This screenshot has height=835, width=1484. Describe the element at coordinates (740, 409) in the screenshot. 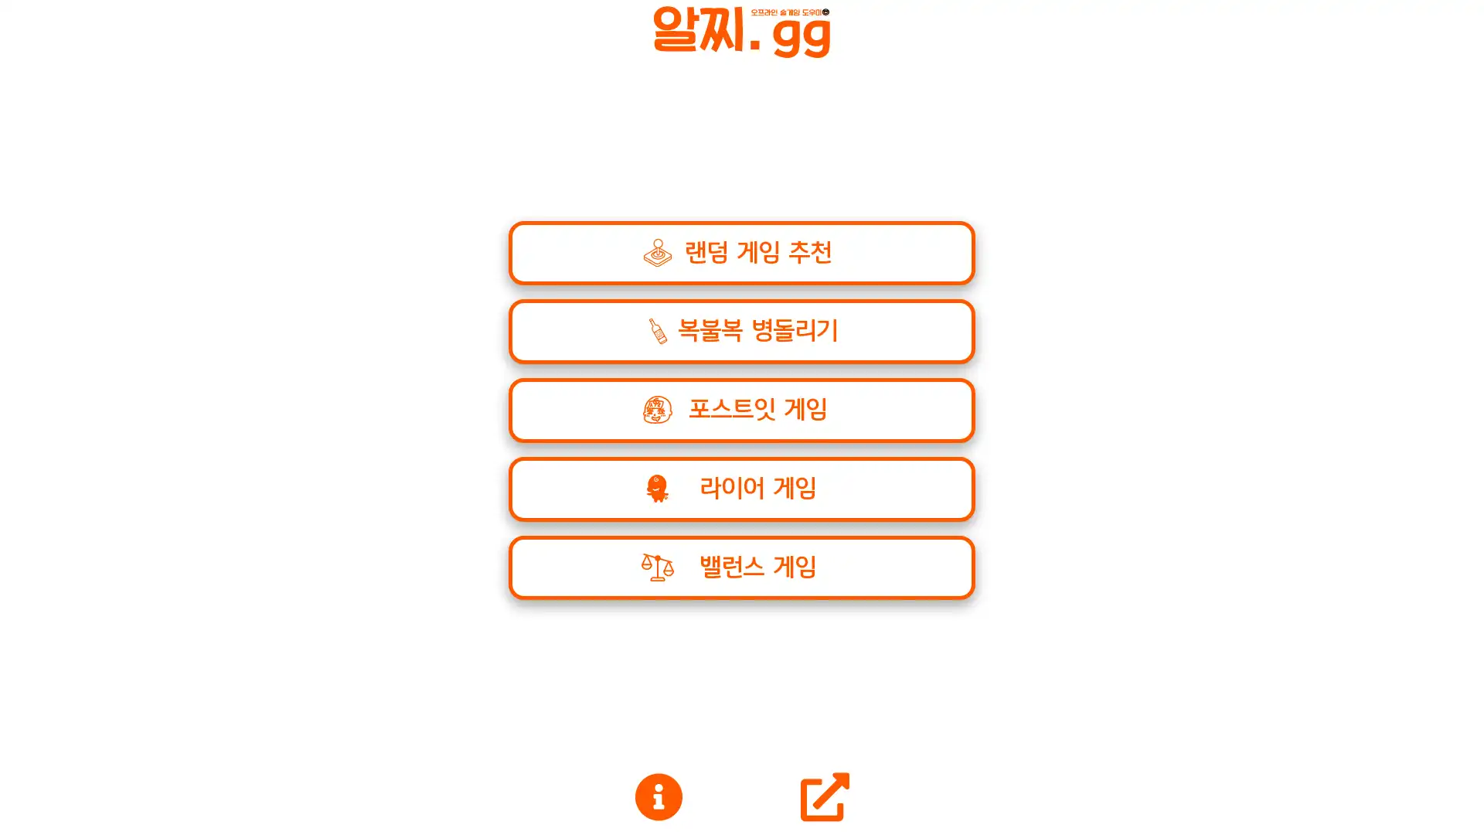

I see `bottle` at that location.